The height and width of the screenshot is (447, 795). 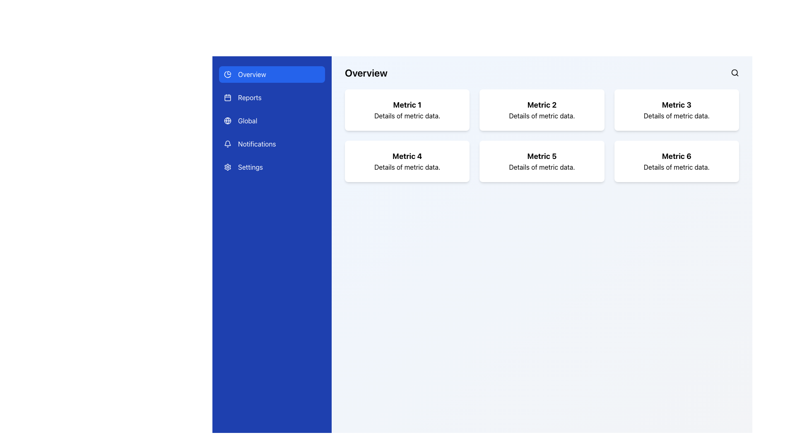 I want to click on the 'Global' menu item, which is the third item in the vertically stacked menu on the left sidebar, located between 'Reports' and 'Notifications', so click(x=272, y=121).